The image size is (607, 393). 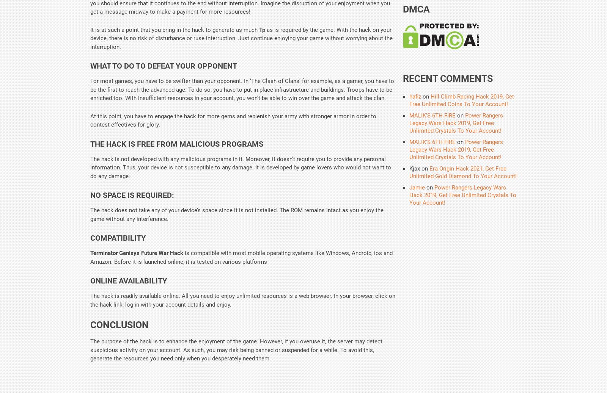 What do you see at coordinates (462, 172) in the screenshot?
I see `'Era Origin Hack 2021, Get Free Unlimited Gold Diamond To Your Account!'` at bounding box center [462, 172].